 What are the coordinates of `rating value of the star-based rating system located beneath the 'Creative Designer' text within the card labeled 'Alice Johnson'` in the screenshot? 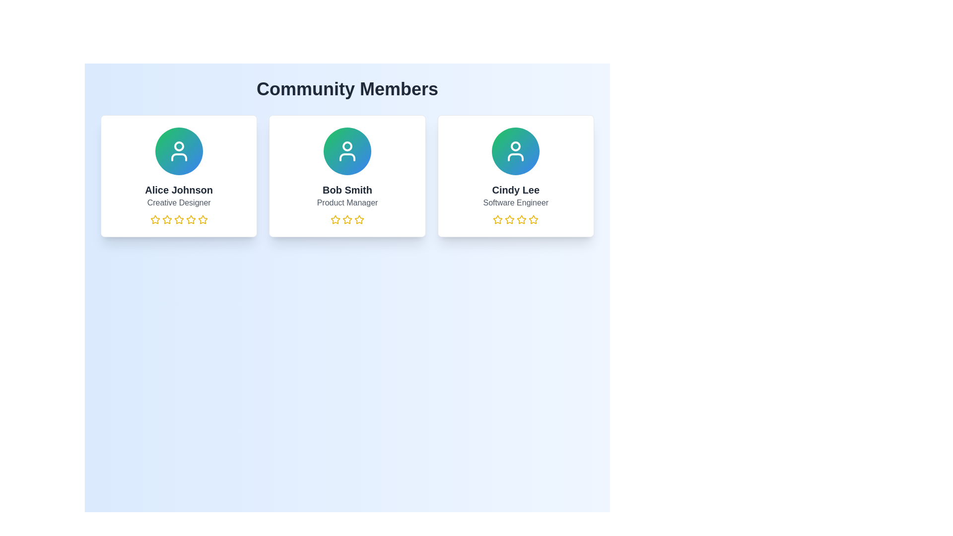 It's located at (179, 219).